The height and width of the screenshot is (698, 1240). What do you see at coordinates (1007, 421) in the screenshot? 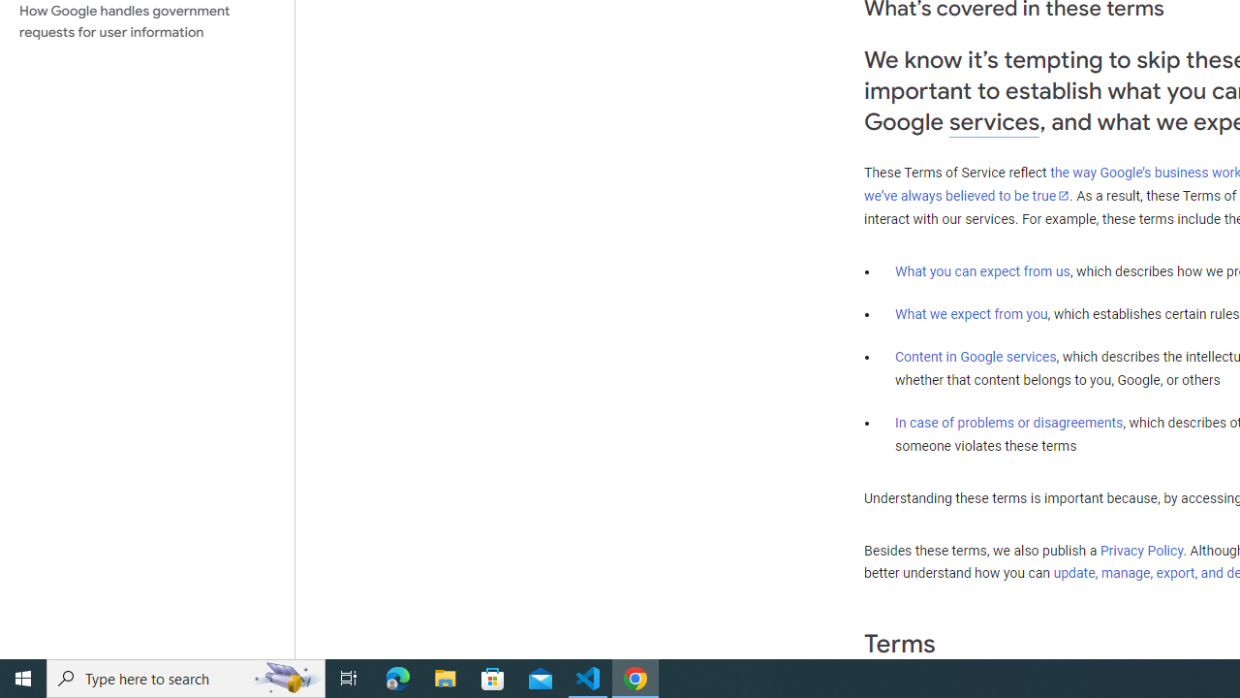
I see `'In case of problems or disagreements'` at bounding box center [1007, 421].